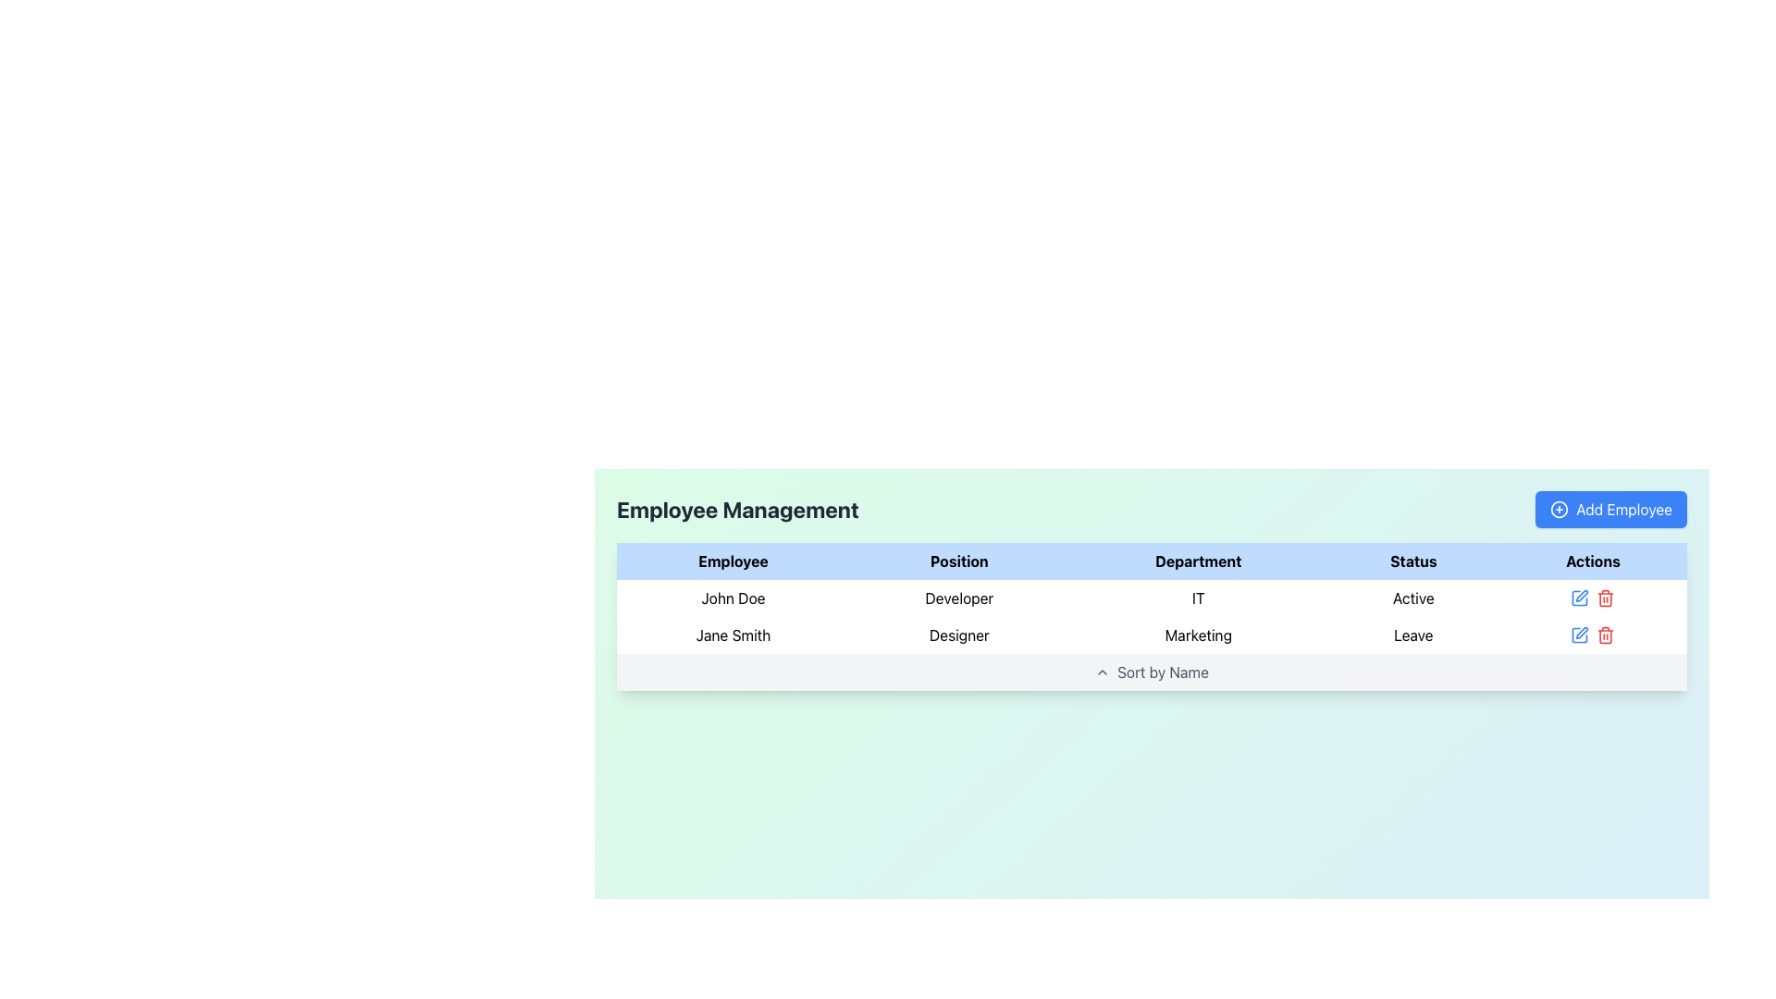 The height and width of the screenshot is (999, 1776). Describe the element at coordinates (1102, 672) in the screenshot. I see `the Chevron icon located to the left of the 'Sort by Name' text` at that location.